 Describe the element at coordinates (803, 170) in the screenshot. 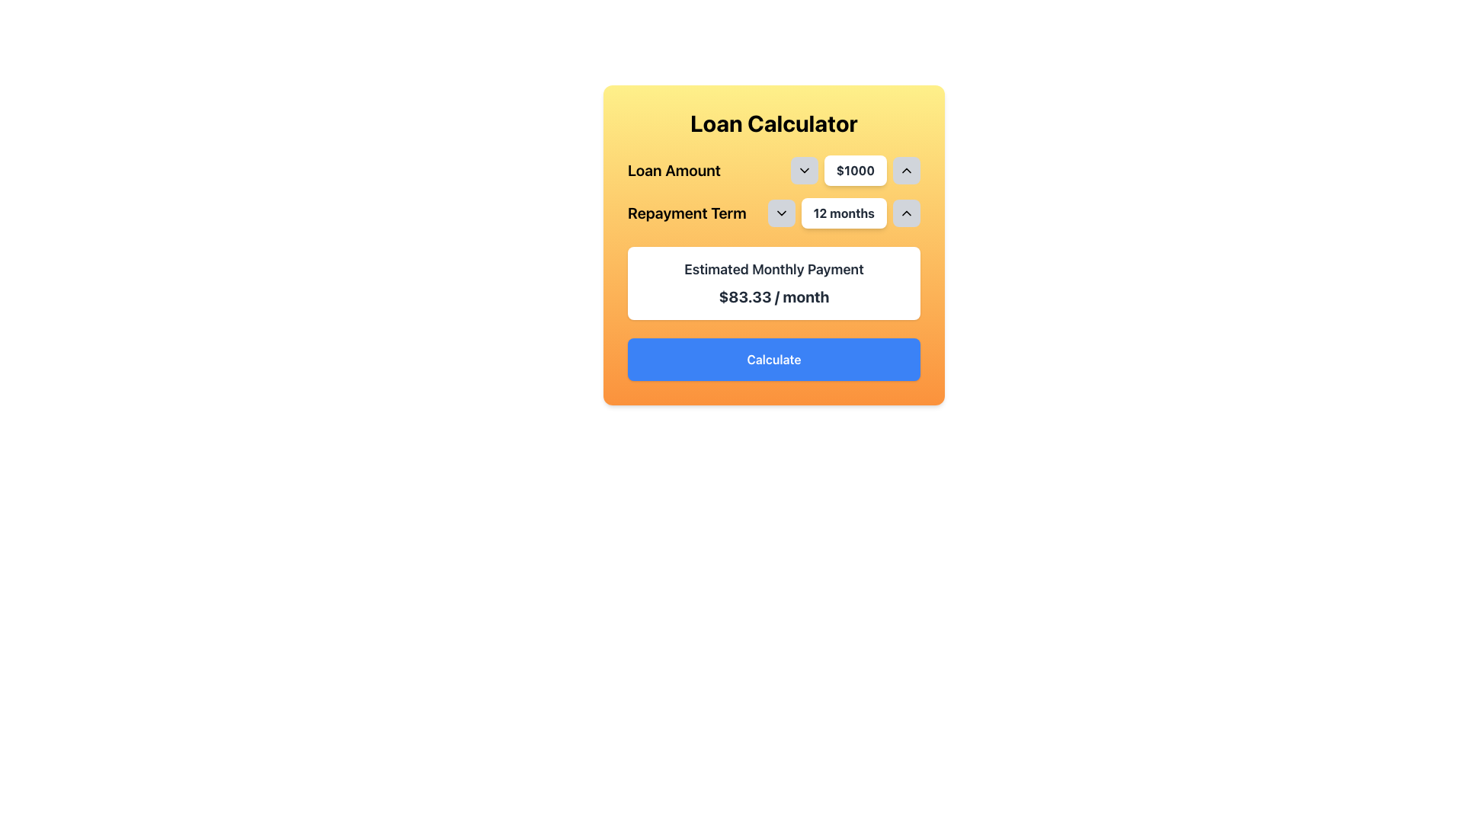

I see `the Dropdown Icon located in the 'Loan Amount' section` at that location.